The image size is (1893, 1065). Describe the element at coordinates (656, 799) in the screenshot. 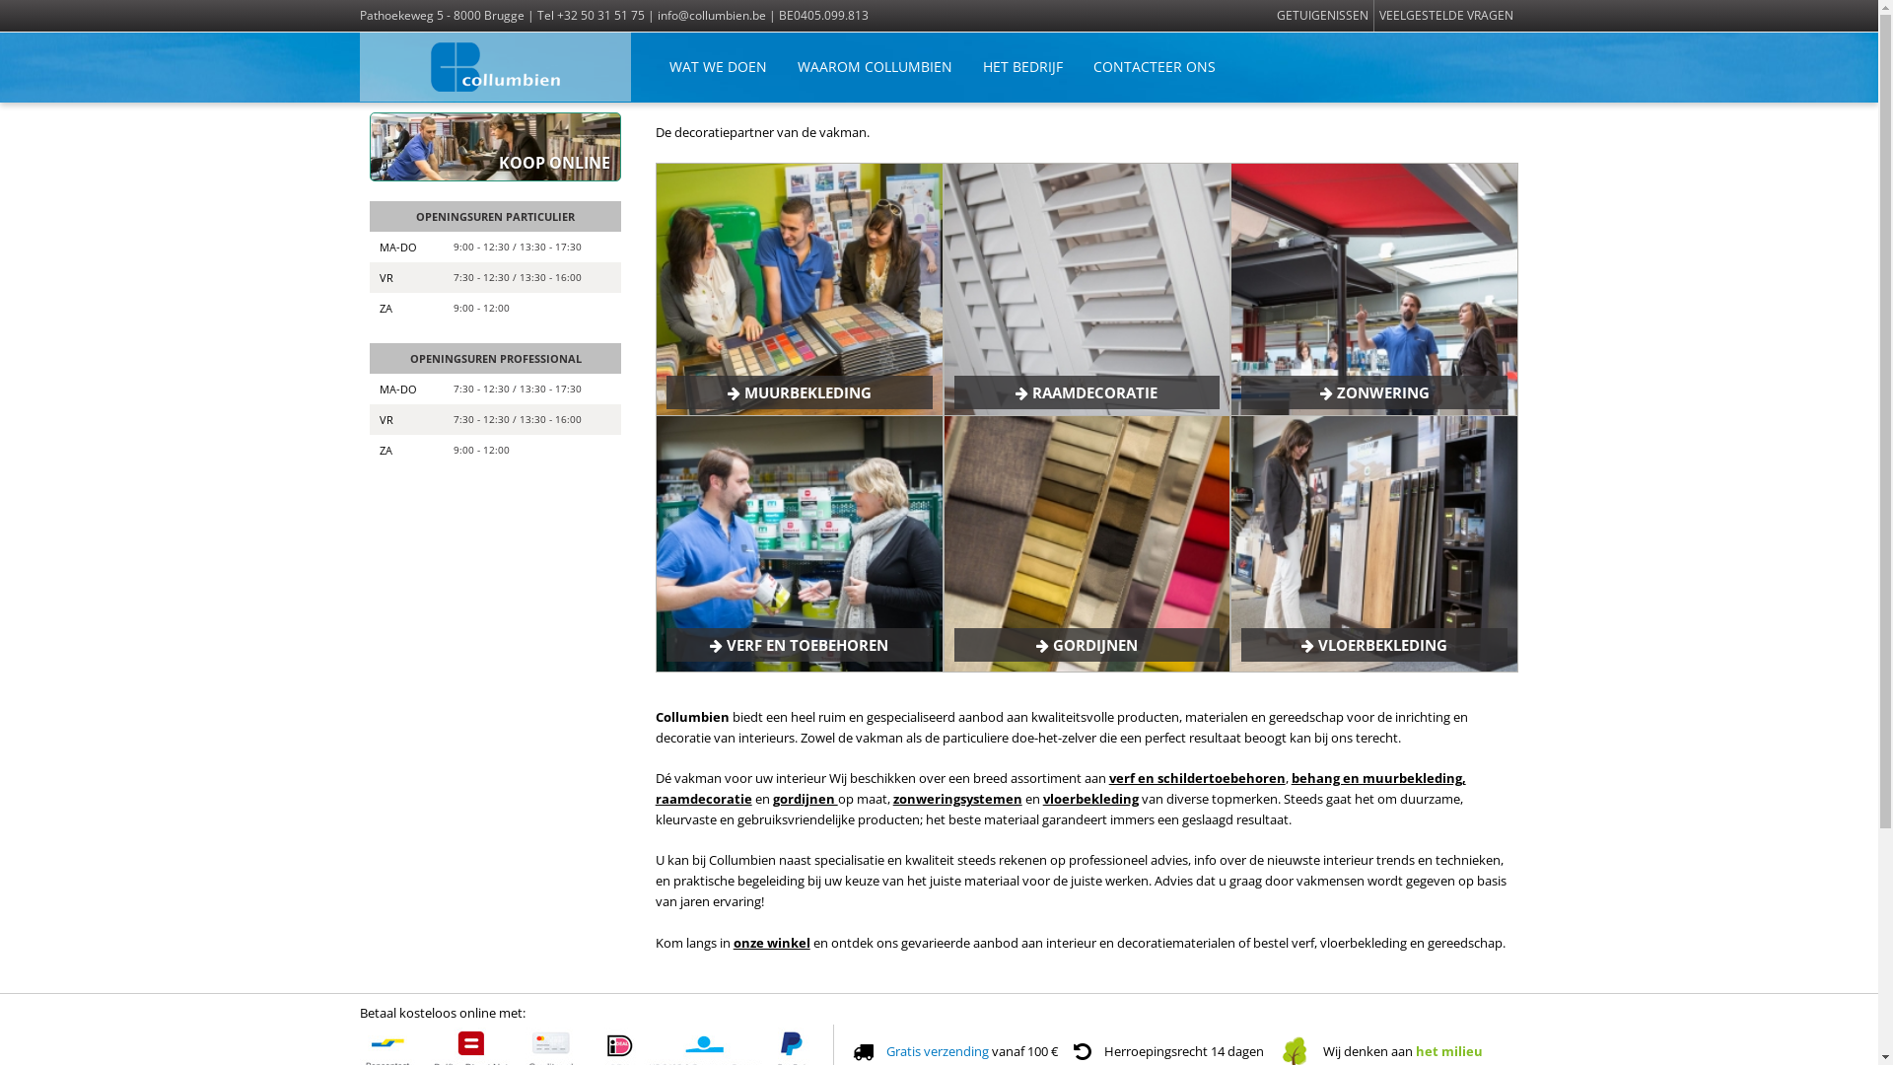

I see `'raamdecoratie'` at that location.